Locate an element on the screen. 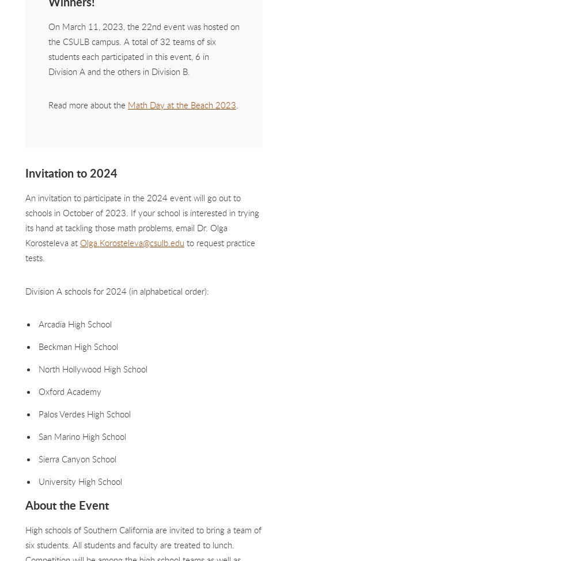  'Math Day at the Beach 2023' is located at coordinates (127, 104).